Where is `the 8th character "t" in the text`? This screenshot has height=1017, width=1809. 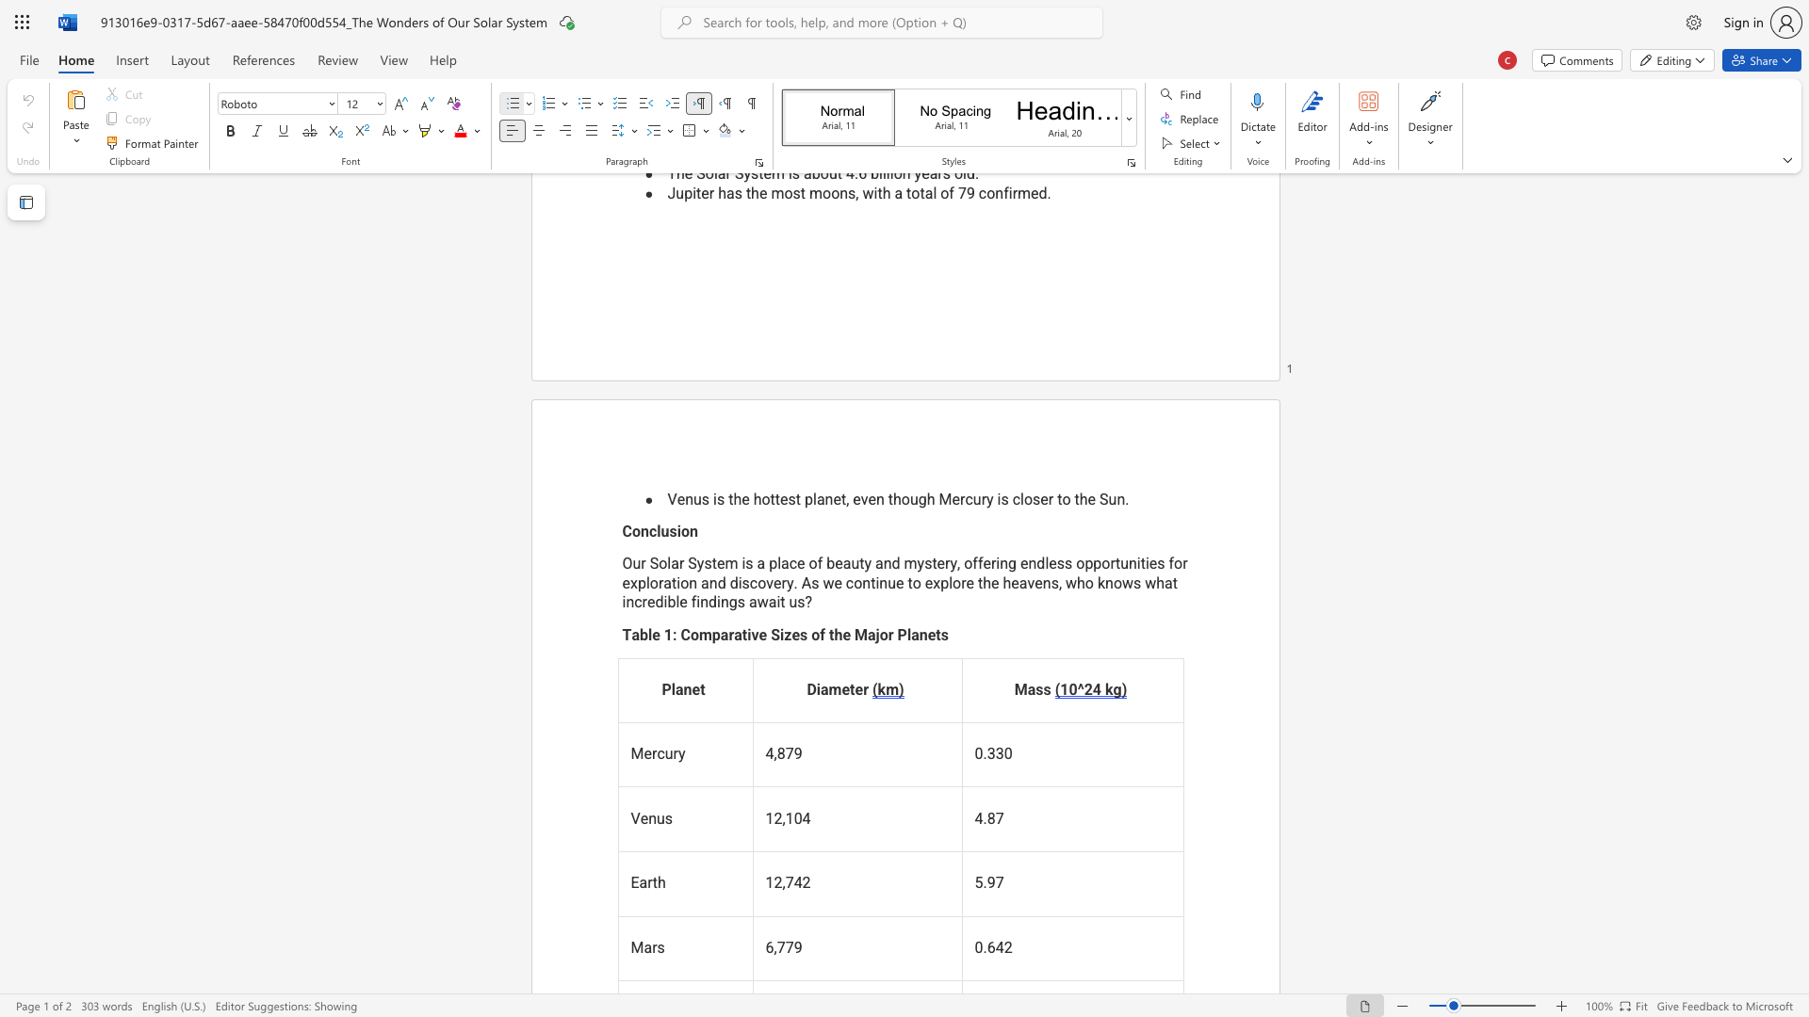 the 8th character "t" in the text is located at coordinates (909, 582).